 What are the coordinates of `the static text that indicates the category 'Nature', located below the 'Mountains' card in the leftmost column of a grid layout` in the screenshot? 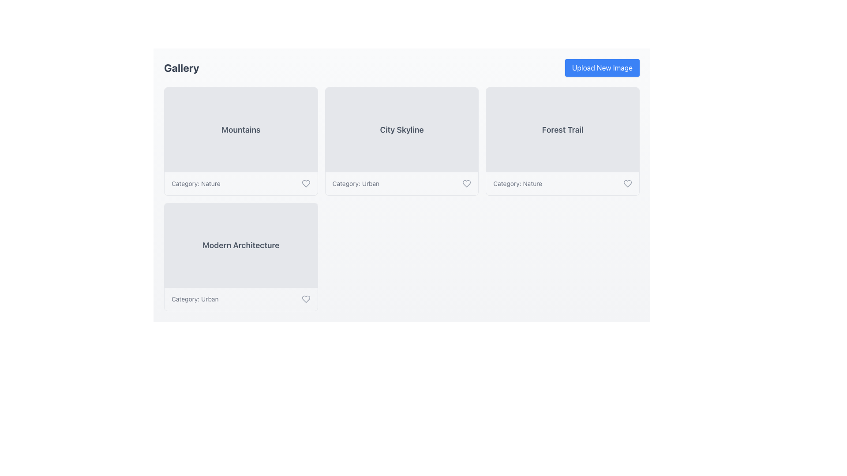 It's located at (195, 183).